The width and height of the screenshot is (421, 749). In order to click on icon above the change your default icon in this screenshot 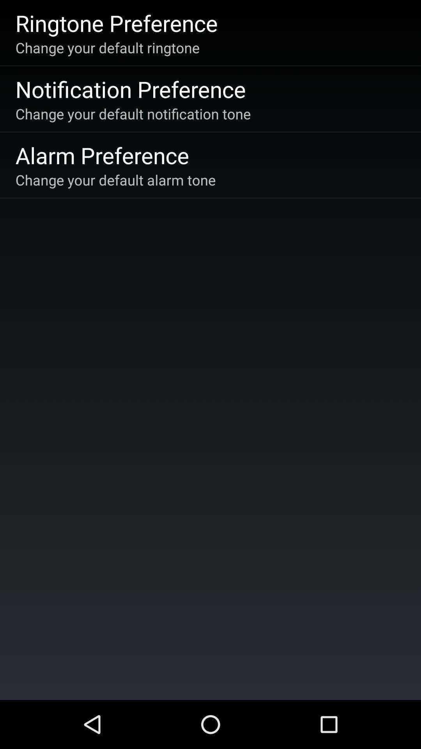, I will do `click(102, 155)`.